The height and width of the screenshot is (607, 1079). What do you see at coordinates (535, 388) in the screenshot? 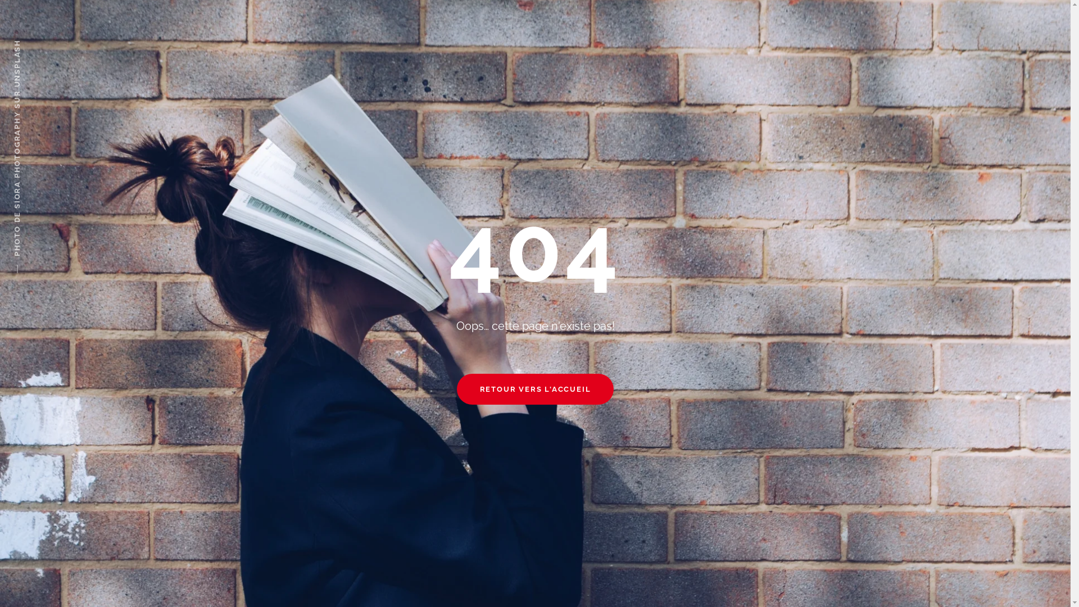
I see `'RETOUR VERS L'ACCUEIL'` at bounding box center [535, 388].